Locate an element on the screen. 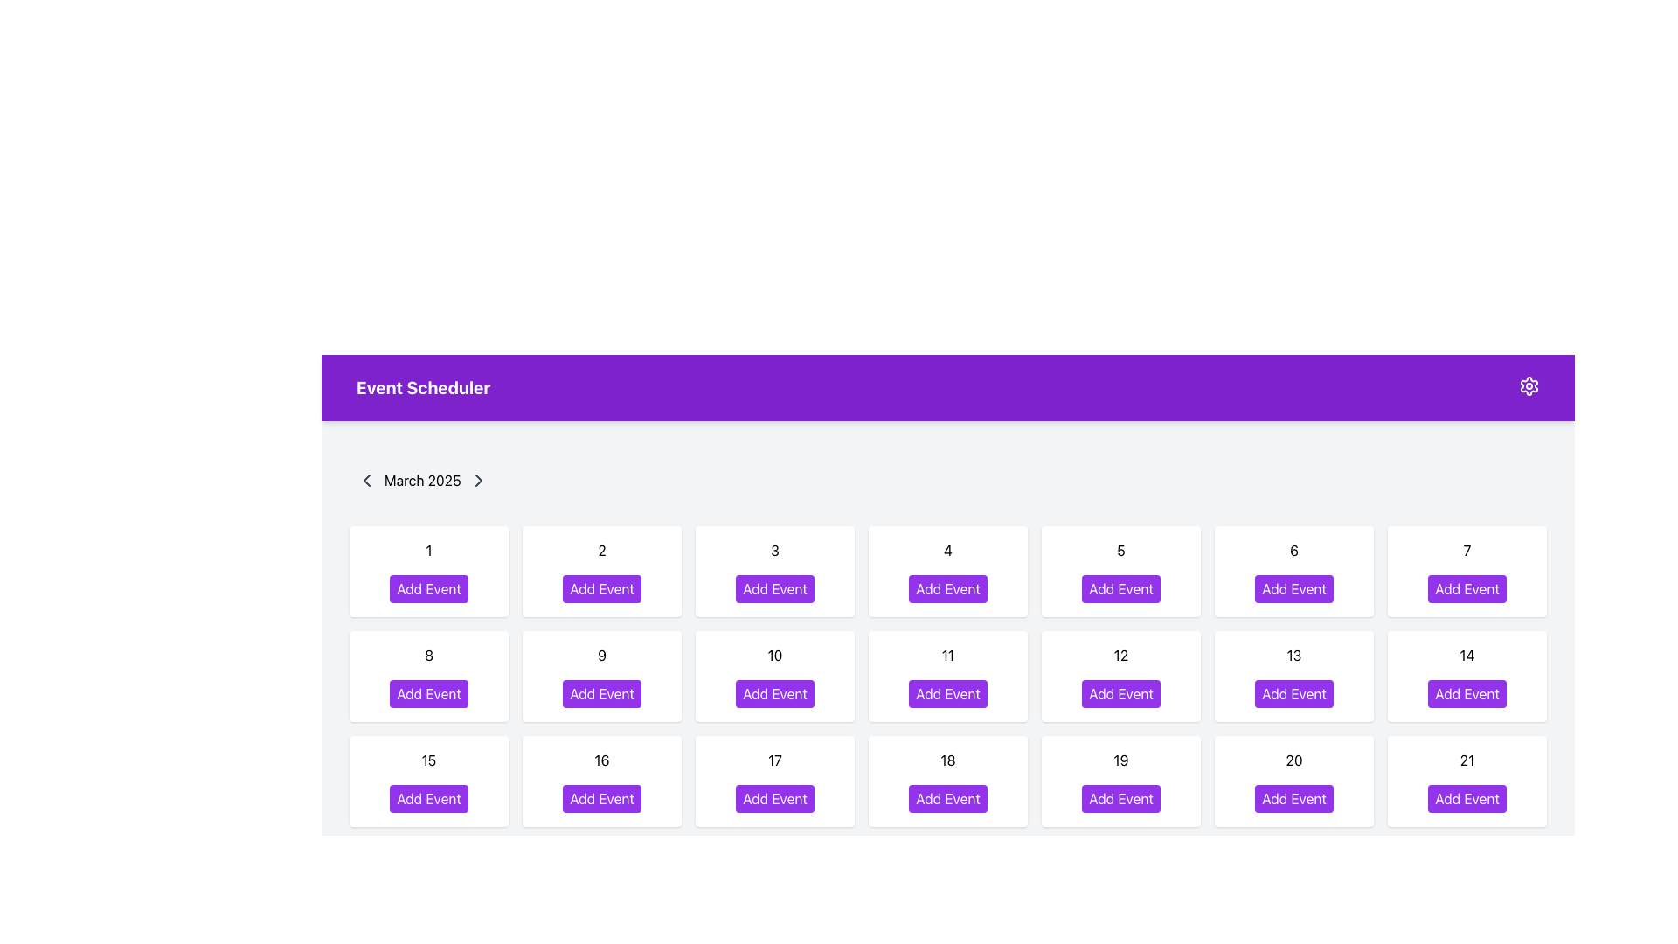 The width and height of the screenshot is (1678, 944). the button for the day labeled '9' in the calendar view is located at coordinates (602, 693).